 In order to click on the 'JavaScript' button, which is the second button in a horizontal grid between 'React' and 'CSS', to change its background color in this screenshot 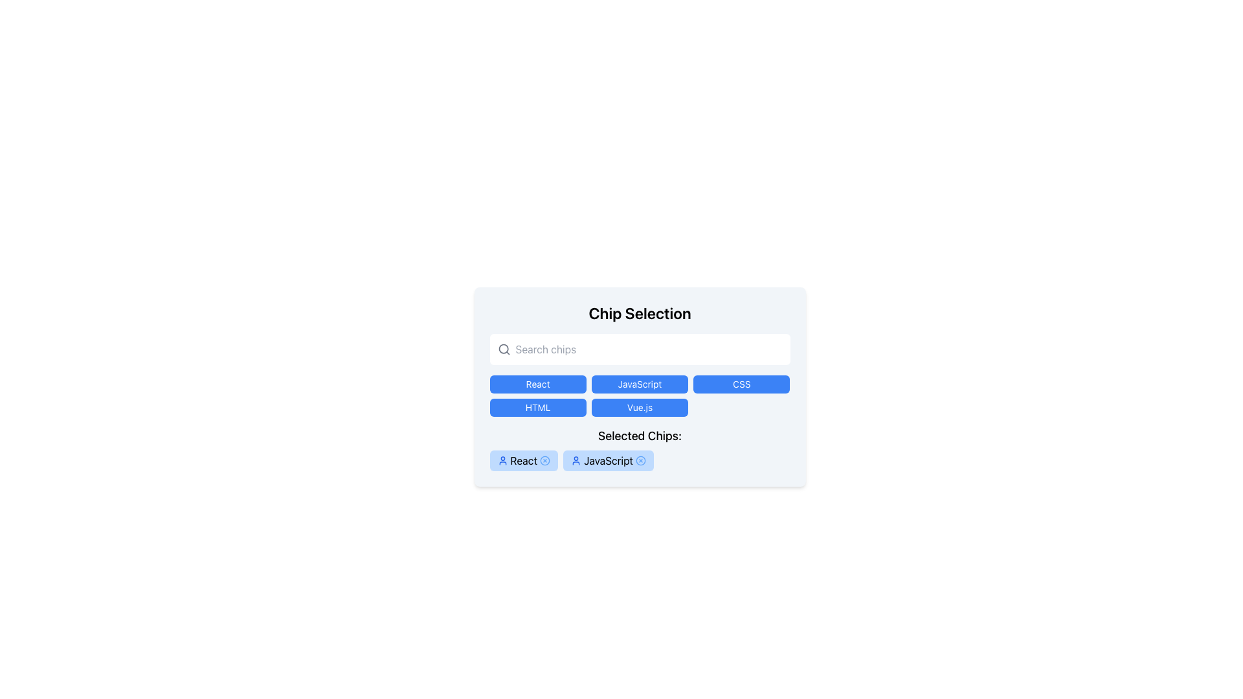, I will do `click(640, 384)`.